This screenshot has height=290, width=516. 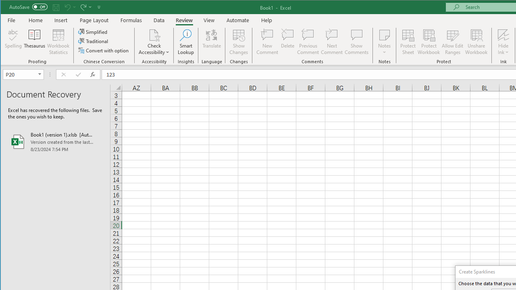 What do you see at coordinates (56, 7) in the screenshot?
I see `'Save'` at bounding box center [56, 7].